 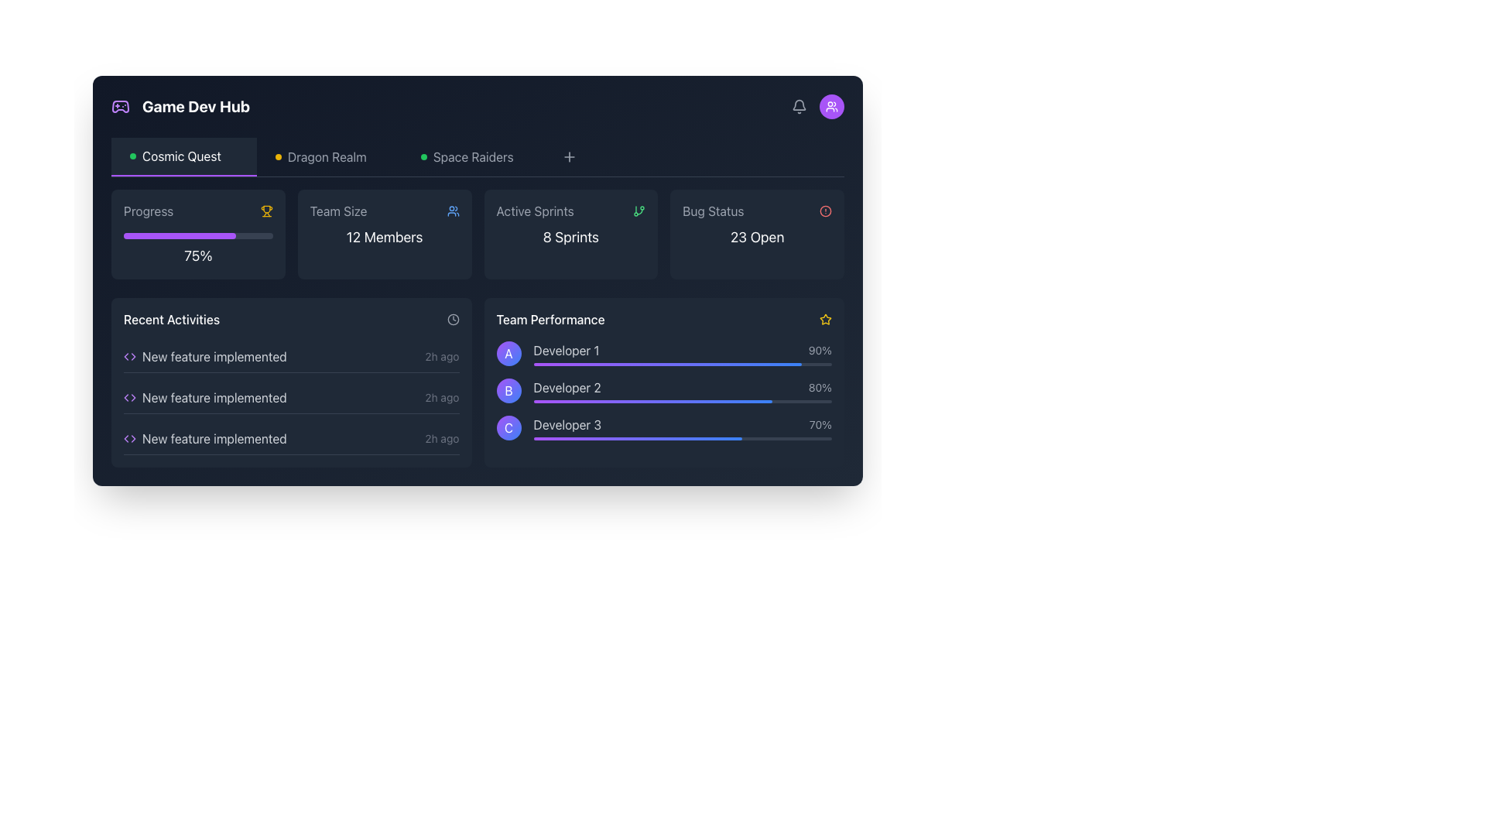 What do you see at coordinates (197, 255) in the screenshot?
I see `the static text label displaying '75%' located under the progress bar in the 'Progress' card` at bounding box center [197, 255].